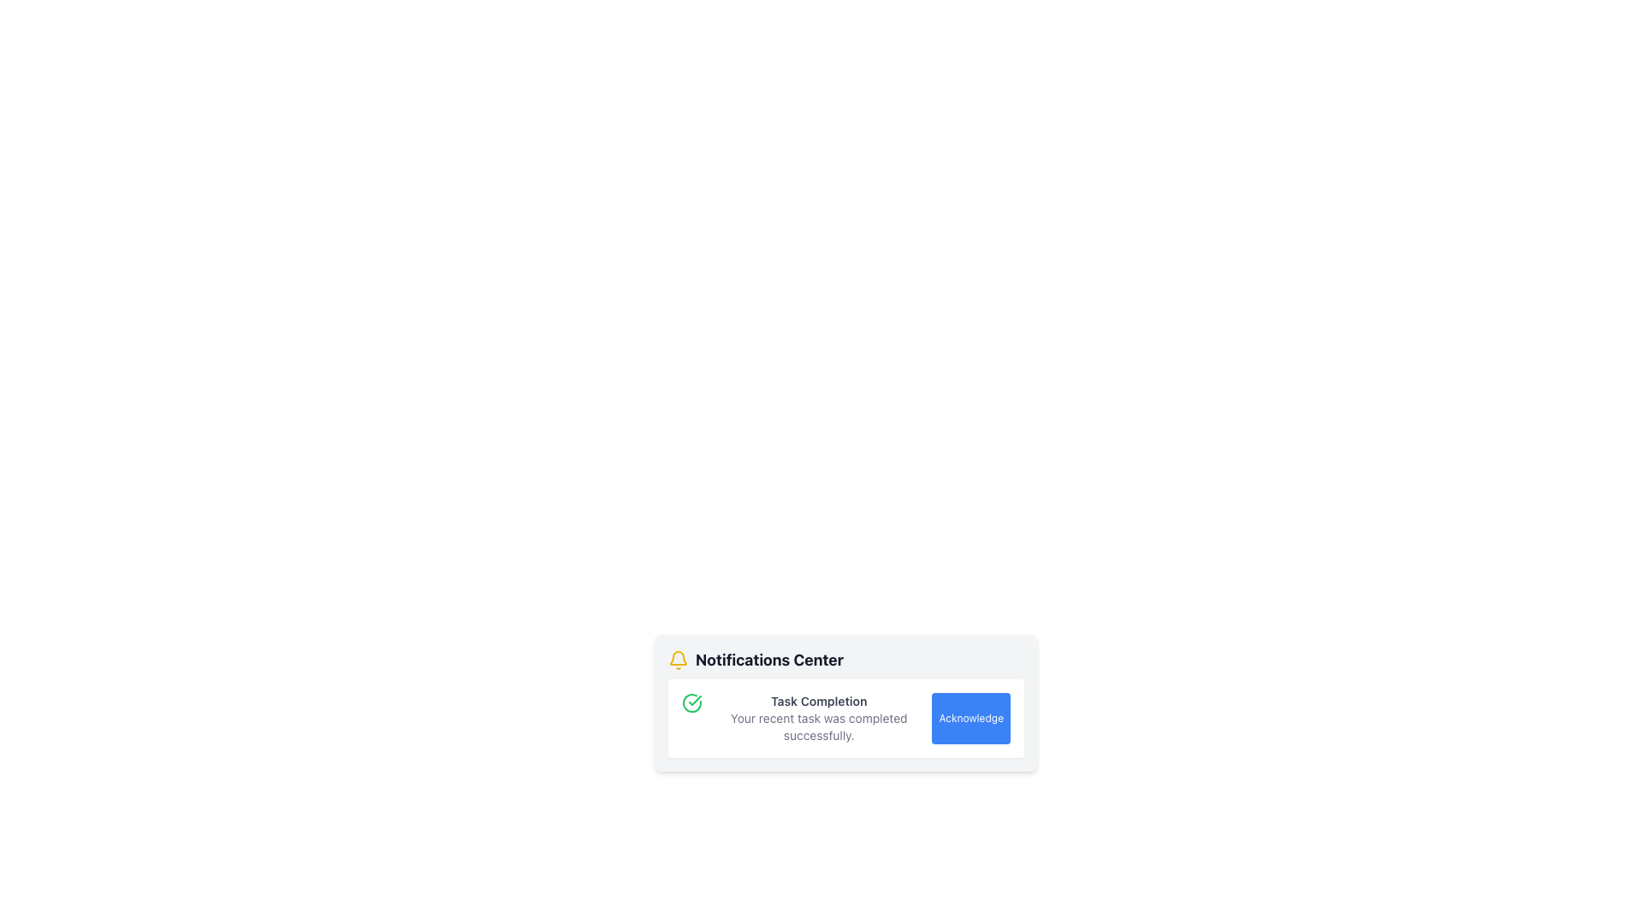 The image size is (1643, 924). Describe the element at coordinates (692, 702) in the screenshot. I see `the task completion icon located to the left of the title 'Task Completion' and aligned horizontally in the middle of the notification card` at that location.